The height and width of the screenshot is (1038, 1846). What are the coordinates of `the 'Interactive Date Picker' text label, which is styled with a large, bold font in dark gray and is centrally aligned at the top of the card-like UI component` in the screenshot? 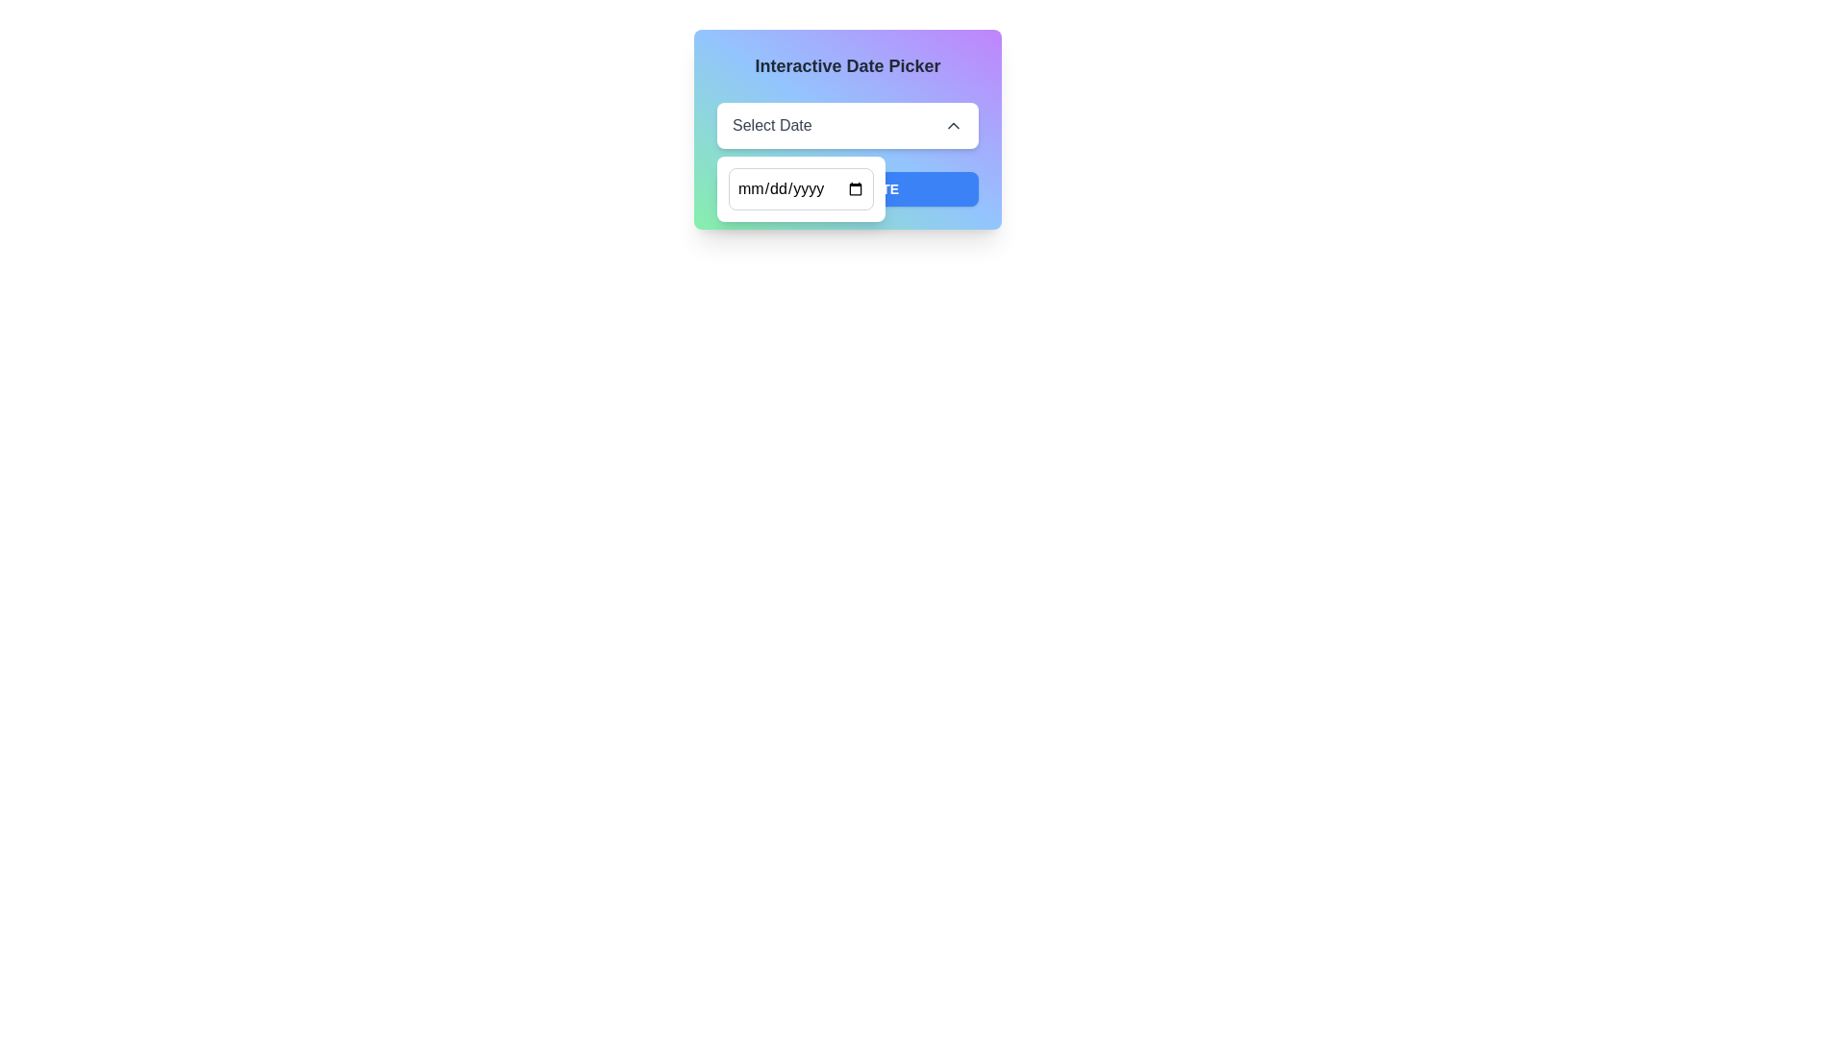 It's located at (847, 65).